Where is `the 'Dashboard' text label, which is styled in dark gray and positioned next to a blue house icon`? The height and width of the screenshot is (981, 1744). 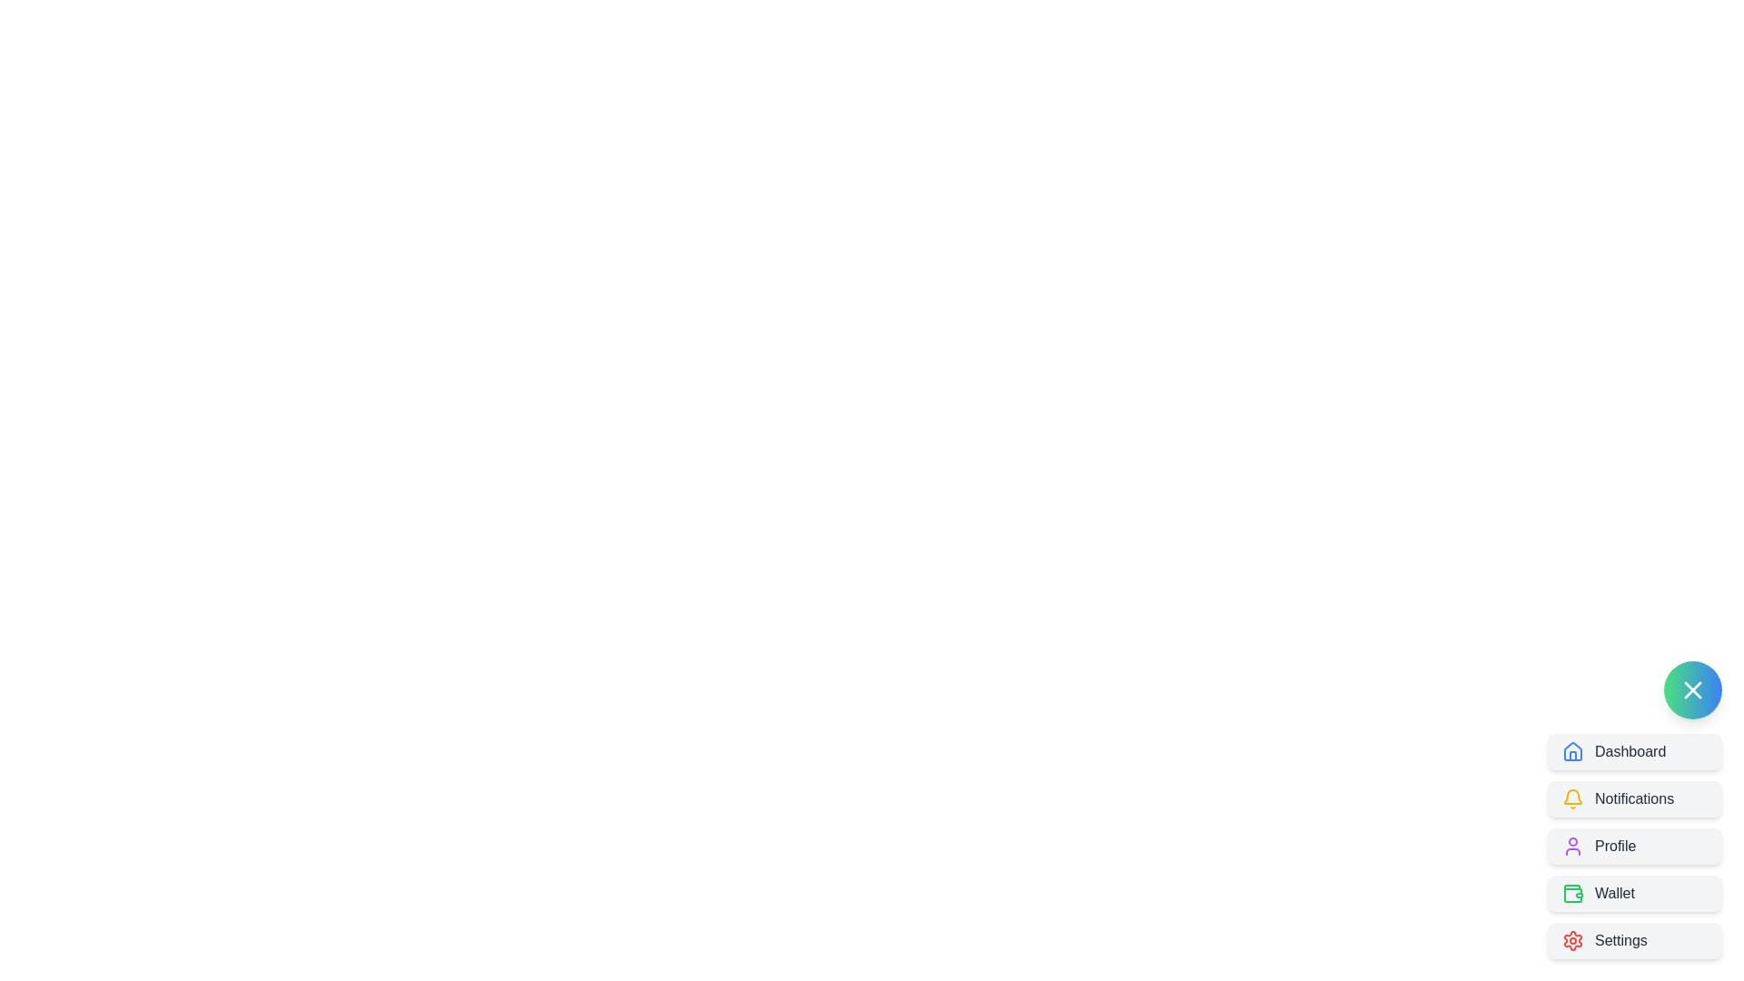
the 'Dashboard' text label, which is styled in dark gray and positioned next to a blue house icon is located at coordinates (1630, 752).